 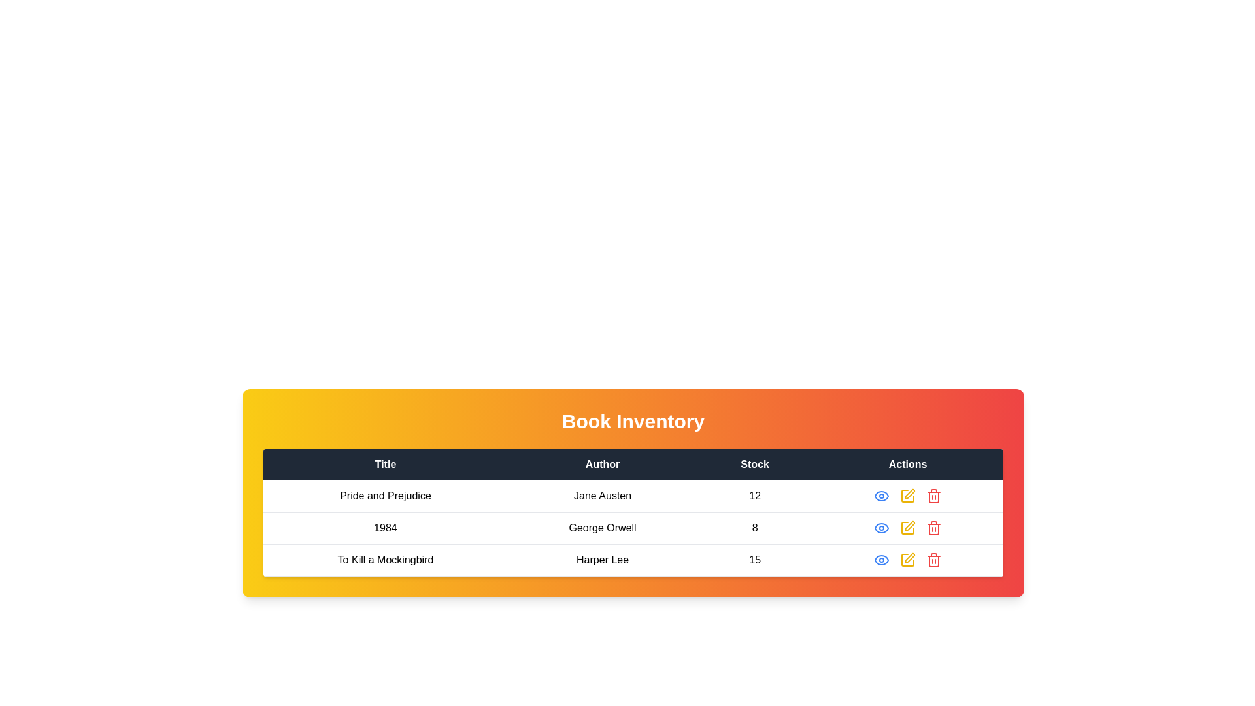 I want to click on the edit button located as the second icon in the row of action icons within the third table row under the 'Actions' column, so click(x=907, y=559).